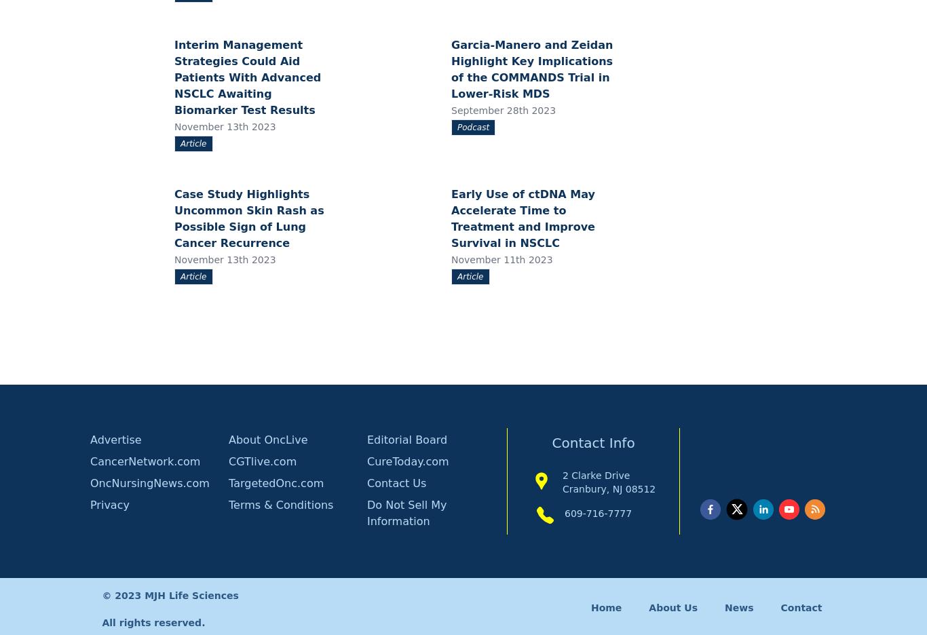 The width and height of the screenshot is (927, 635). Describe the element at coordinates (502, 258) in the screenshot. I see `'November 11th 2023'` at that location.